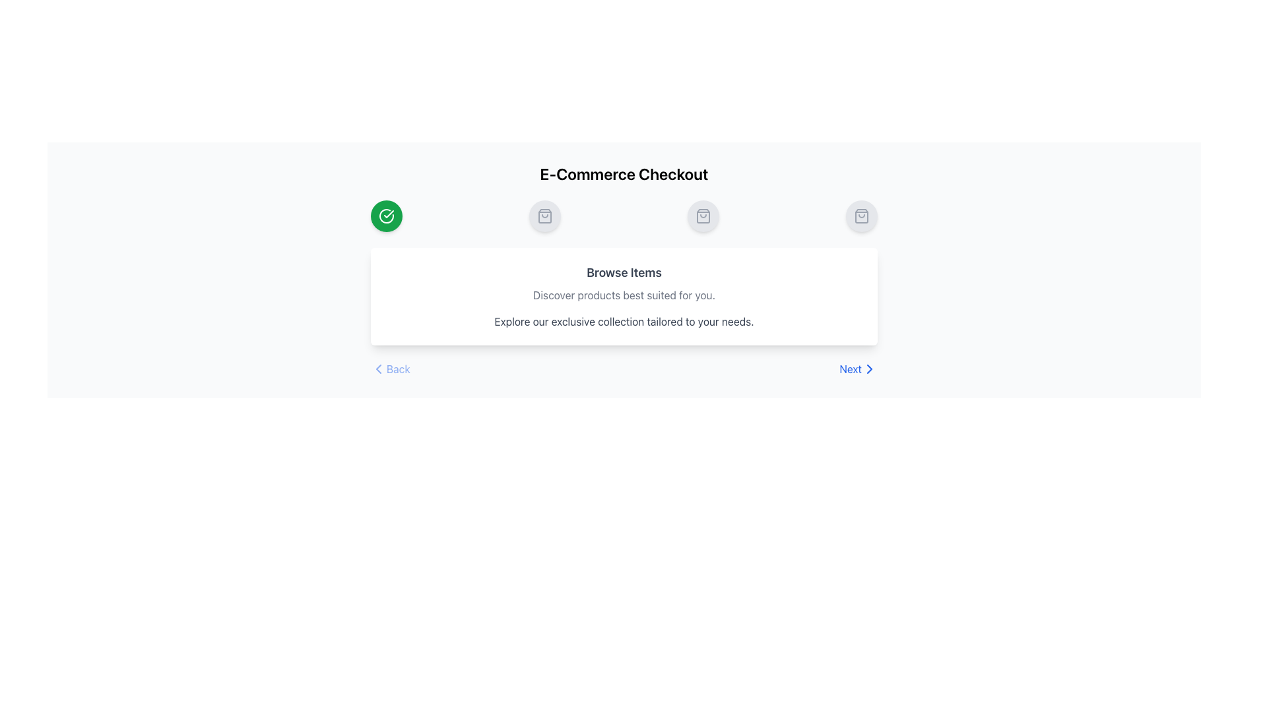  Describe the element at coordinates (702, 215) in the screenshot. I see `the shopping bag icon, which is a minimalistic icon outlined with thin gray lines, located centrally below the title 'E-Commerce Checkout'` at that location.